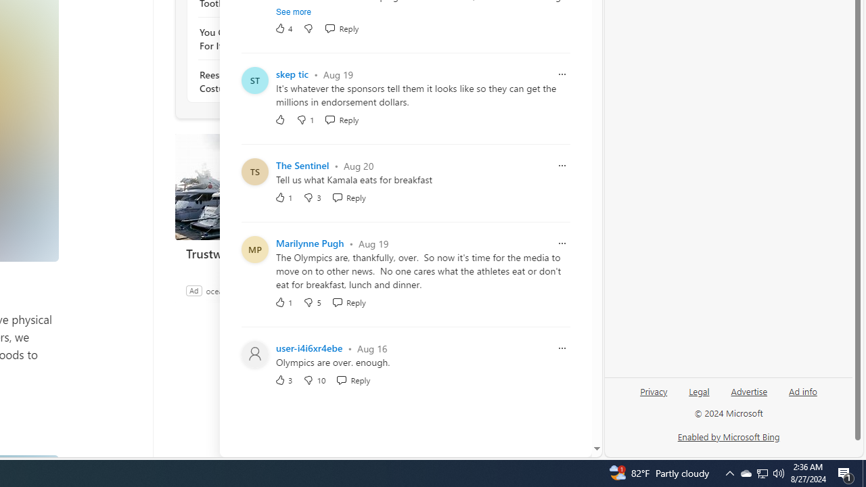 This screenshot has width=866, height=487. What do you see at coordinates (562, 348) in the screenshot?
I see `'Report comment'` at bounding box center [562, 348].